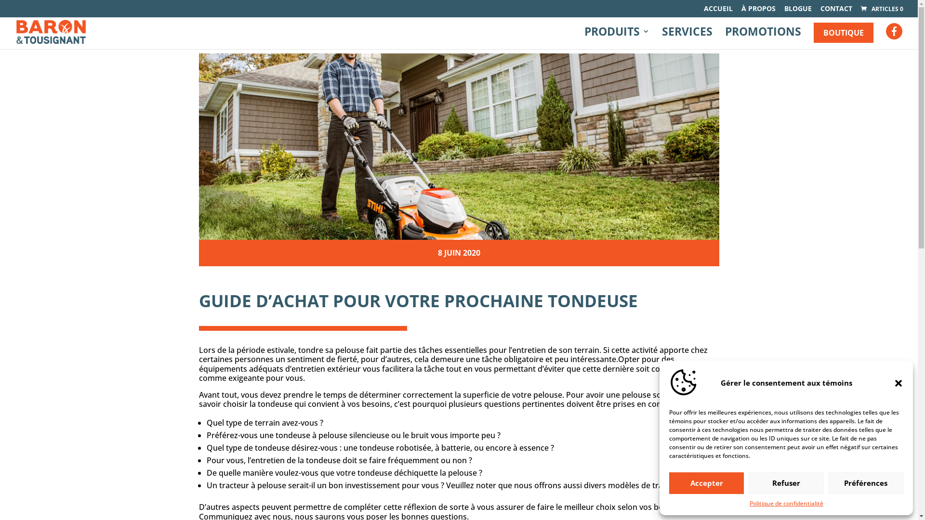 This screenshot has width=925, height=520. I want to click on 'BOUTIQUE', so click(843, 32).